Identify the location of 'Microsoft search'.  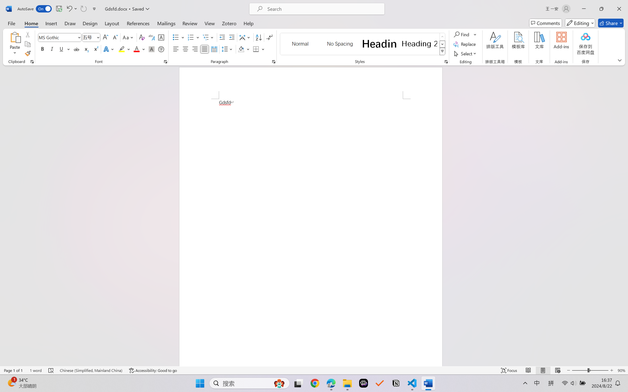
(323, 9).